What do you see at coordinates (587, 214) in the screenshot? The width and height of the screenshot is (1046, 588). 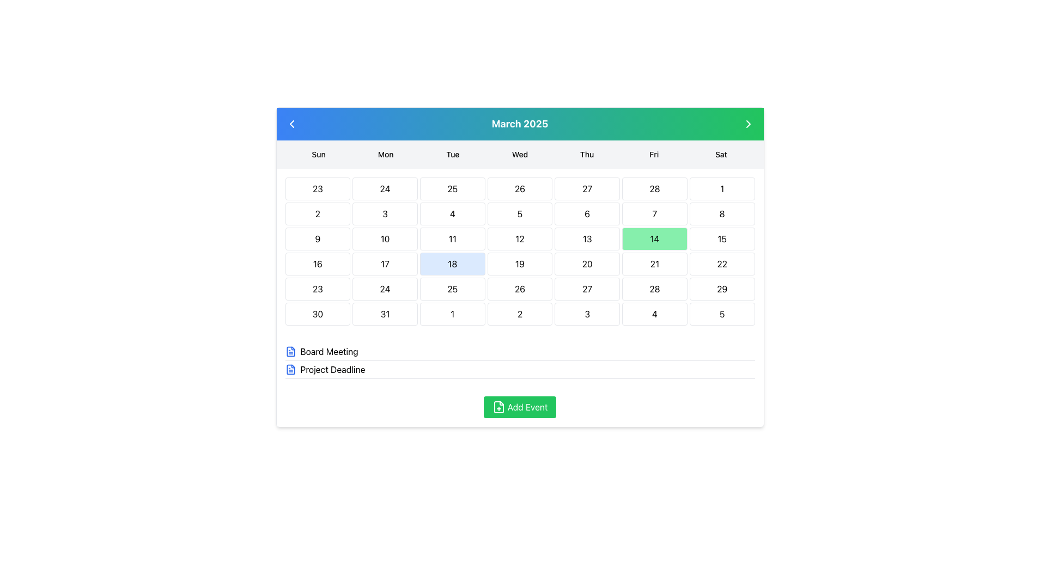 I see `the calendar date cell displaying the number '6' located under the column 'Thu' in the second row` at bounding box center [587, 214].